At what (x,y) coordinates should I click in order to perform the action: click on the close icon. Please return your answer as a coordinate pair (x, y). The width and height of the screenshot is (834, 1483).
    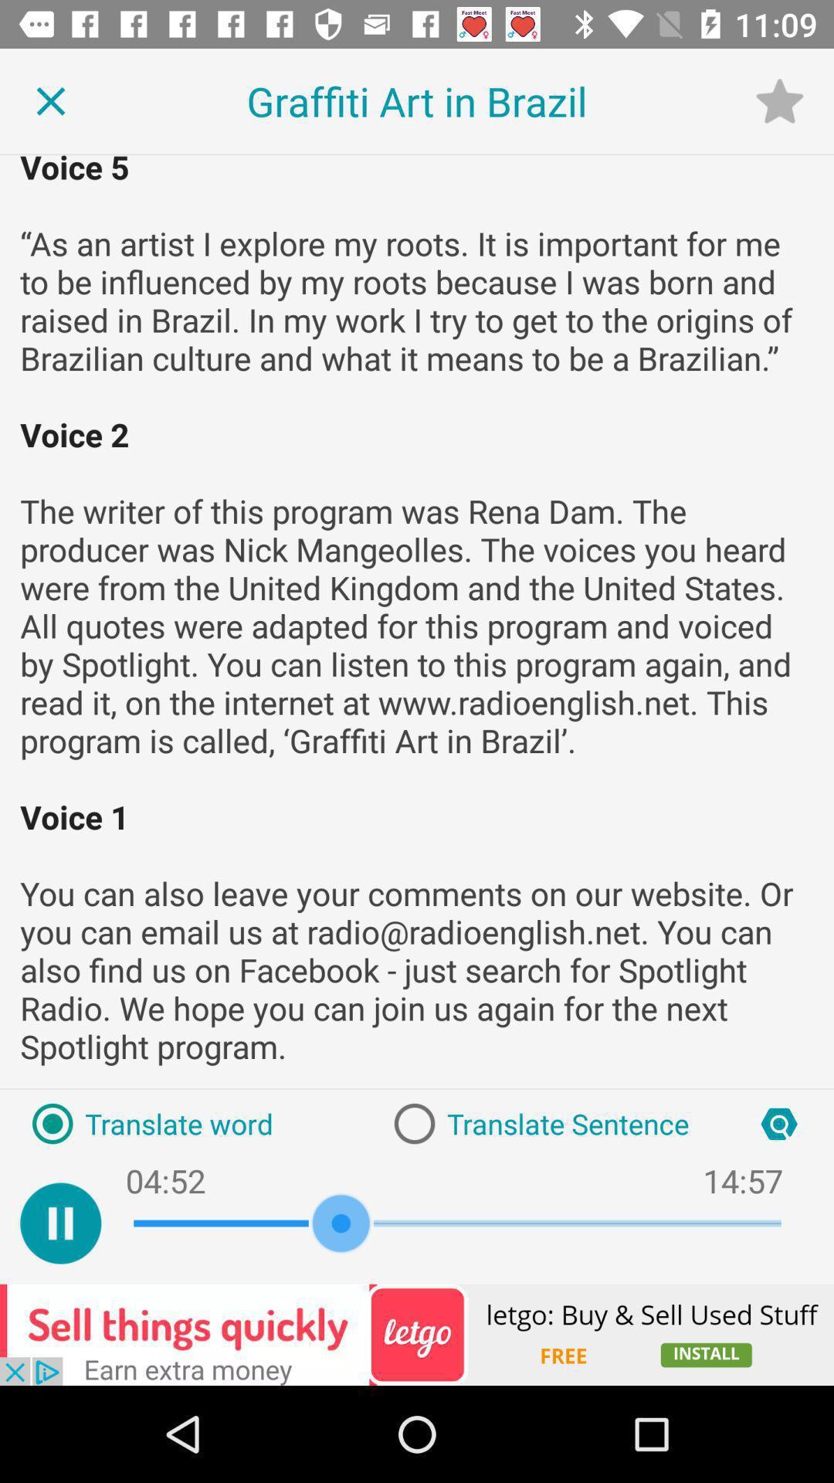
    Looking at the image, I should click on (49, 100).